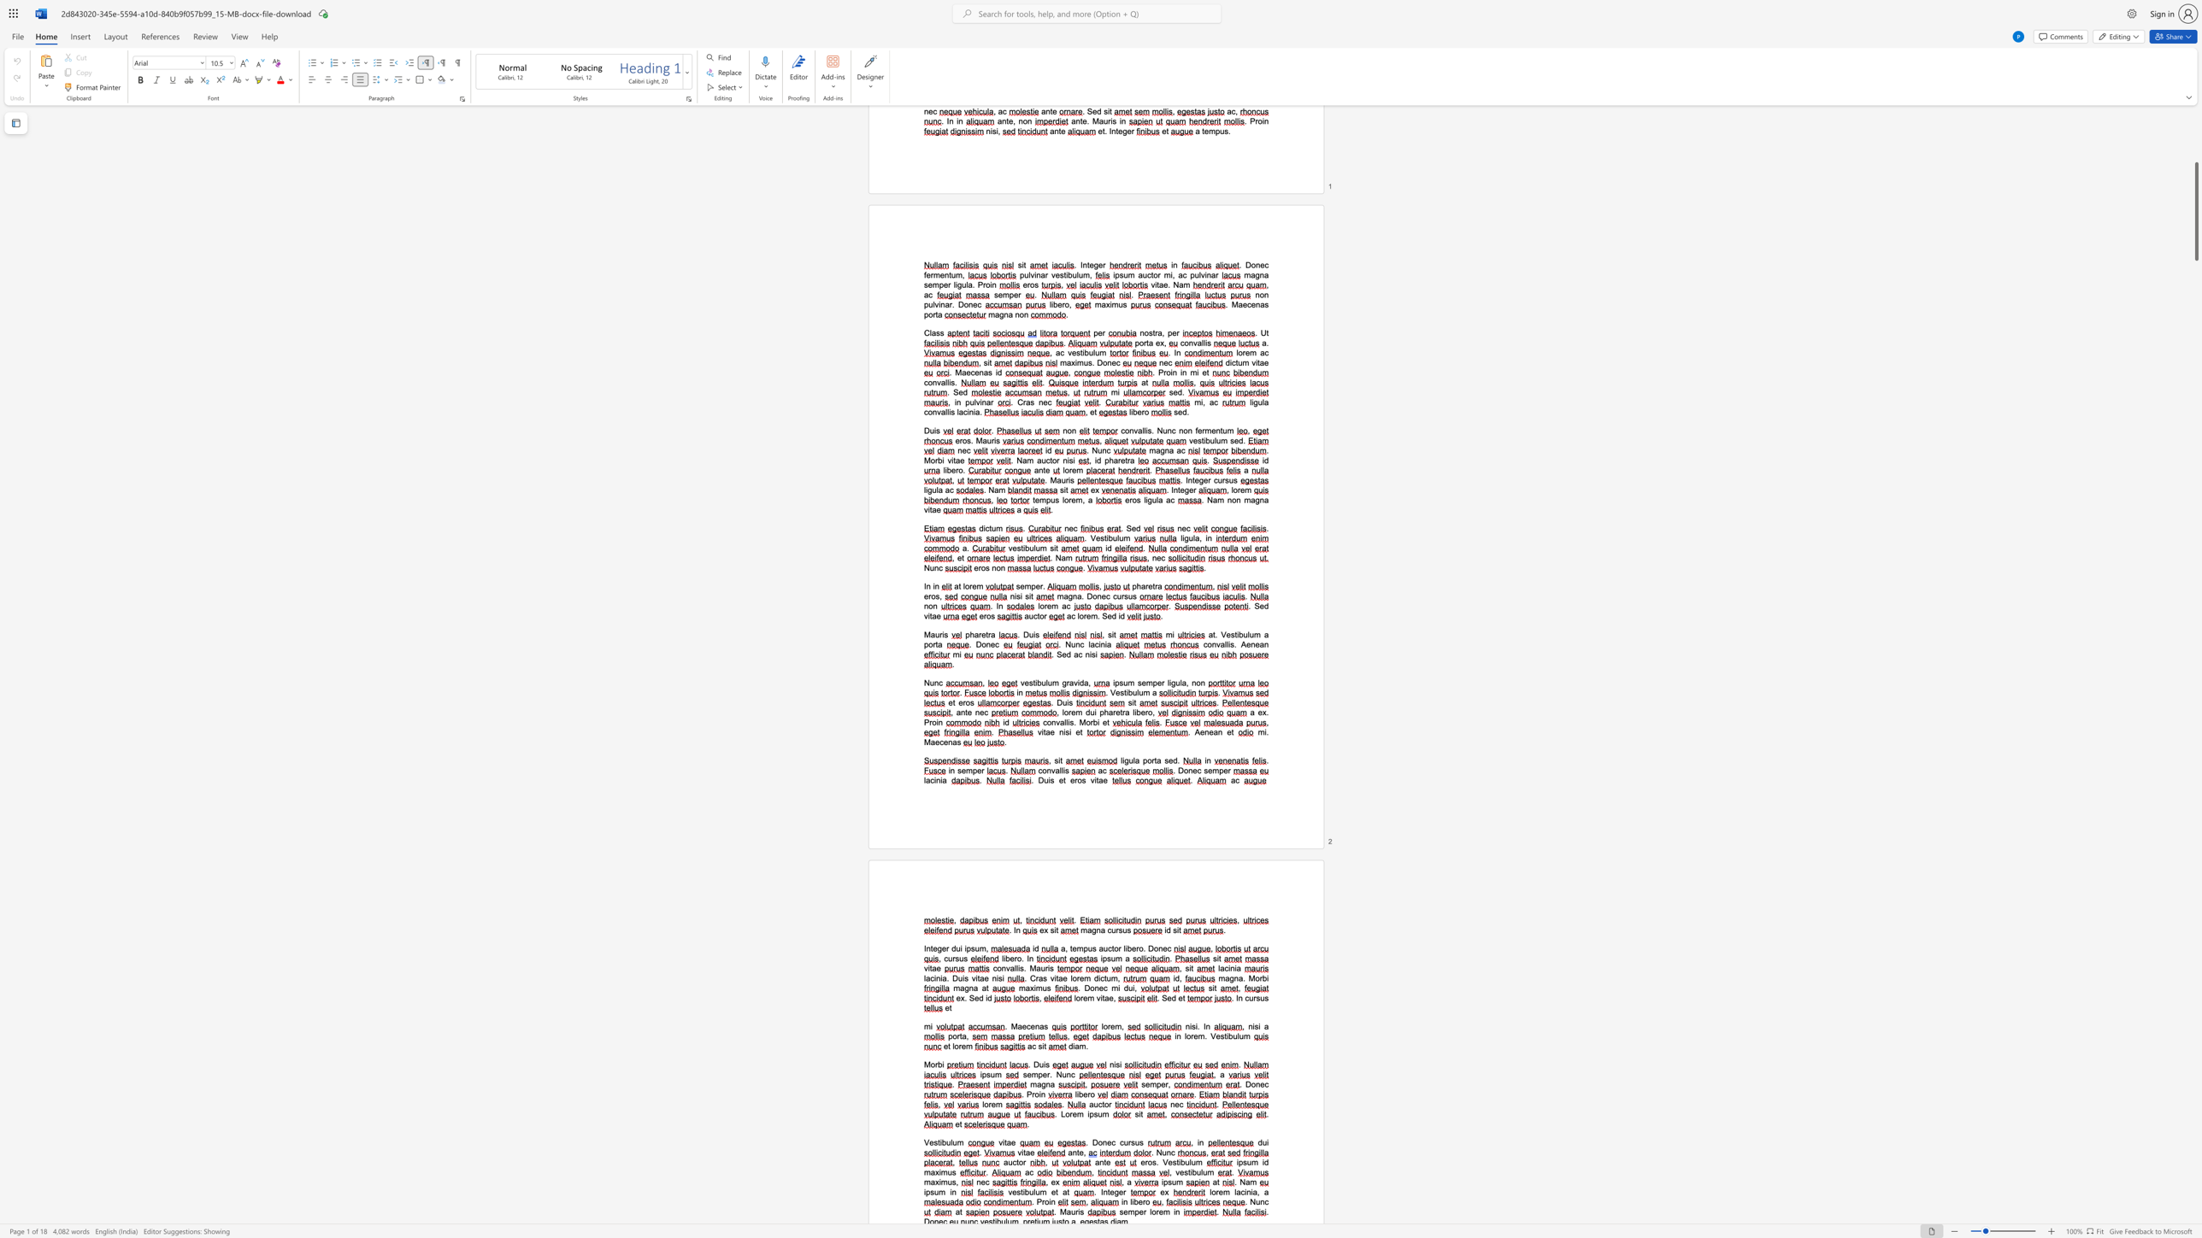 Image resolution: width=2202 pixels, height=1238 pixels. Describe the element at coordinates (1065, 682) in the screenshot. I see `the space between the continuous character "g" and "r" in the text` at that location.